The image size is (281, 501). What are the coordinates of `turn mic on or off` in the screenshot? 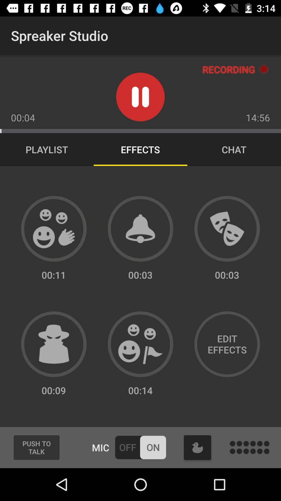 It's located at (140, 447).